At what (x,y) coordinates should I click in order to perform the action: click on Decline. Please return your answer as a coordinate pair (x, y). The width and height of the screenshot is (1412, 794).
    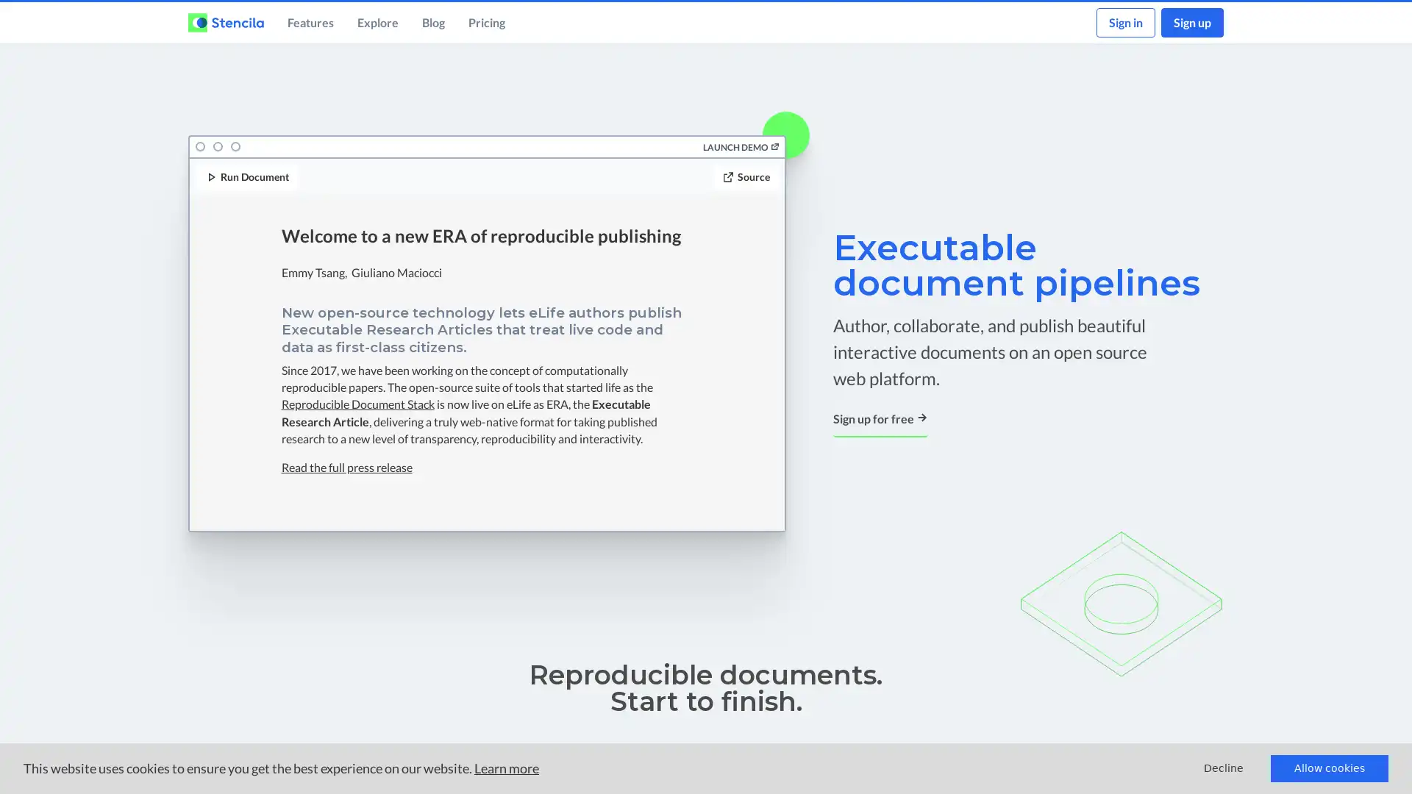
    Looking at the image, I should click on (1224, 768).